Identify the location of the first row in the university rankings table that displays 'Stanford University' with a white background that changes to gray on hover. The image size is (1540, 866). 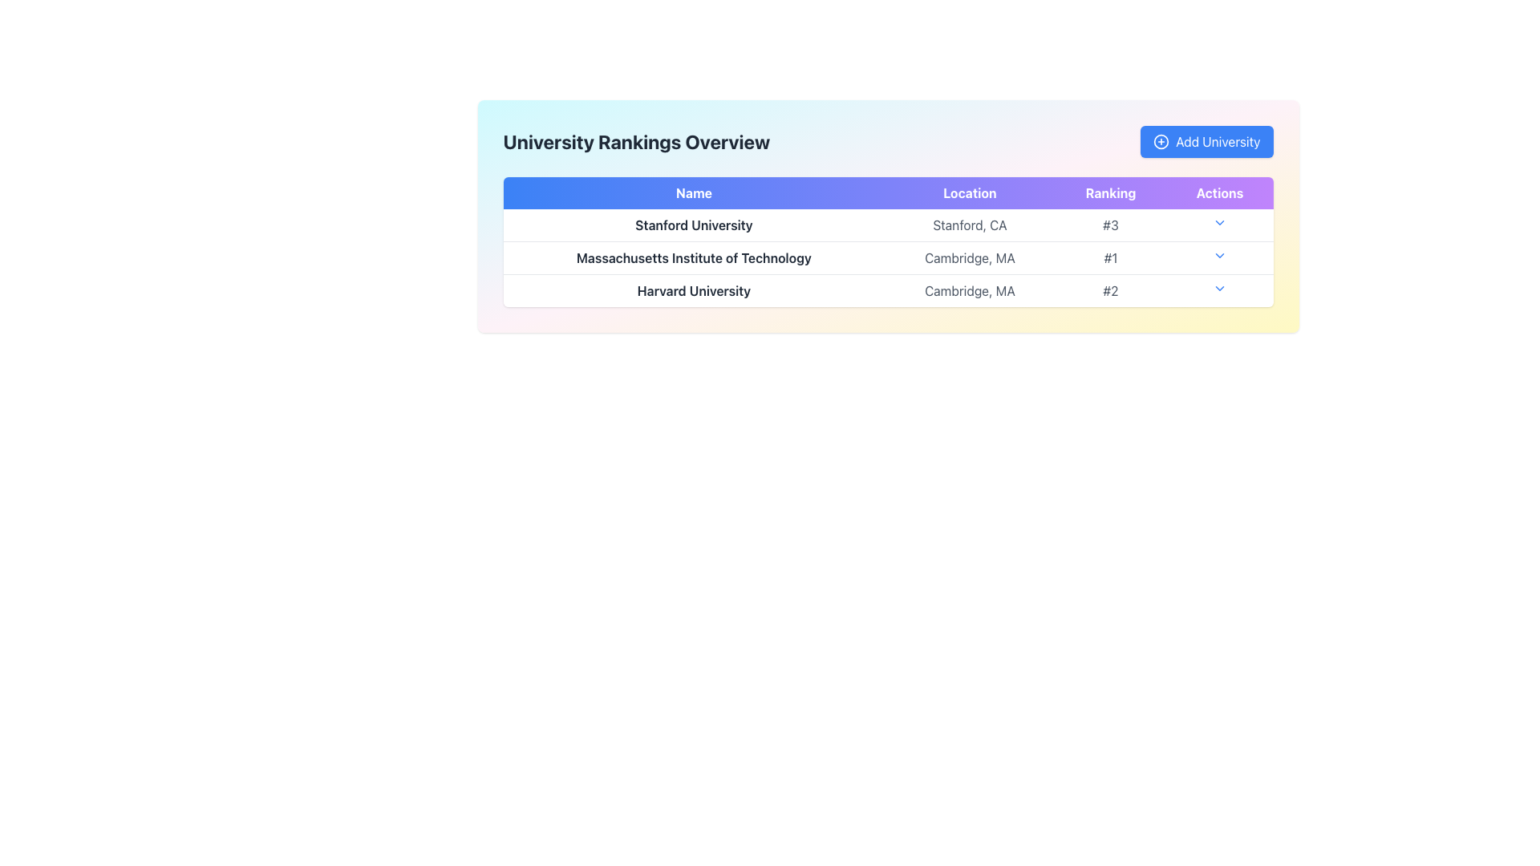
(887, 225).